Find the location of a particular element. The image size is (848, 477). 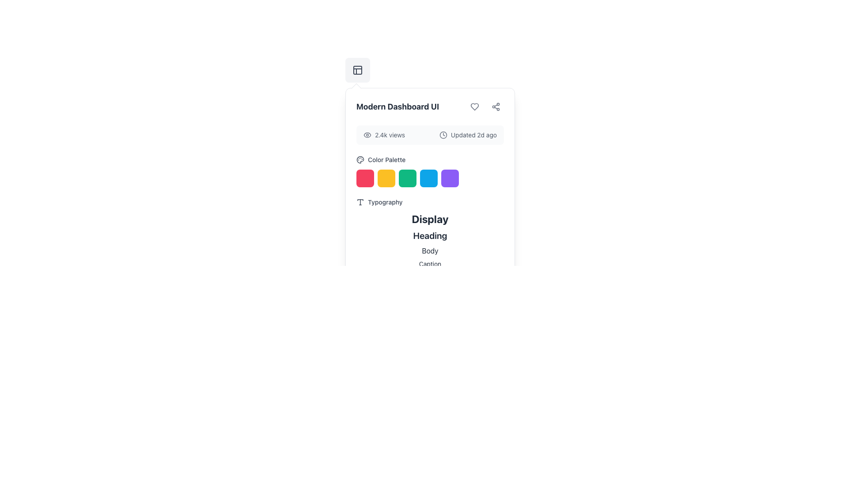

the eye-shaped SVG graphic element located at the top-right section of the card interface is located at coordinates (367, 135).